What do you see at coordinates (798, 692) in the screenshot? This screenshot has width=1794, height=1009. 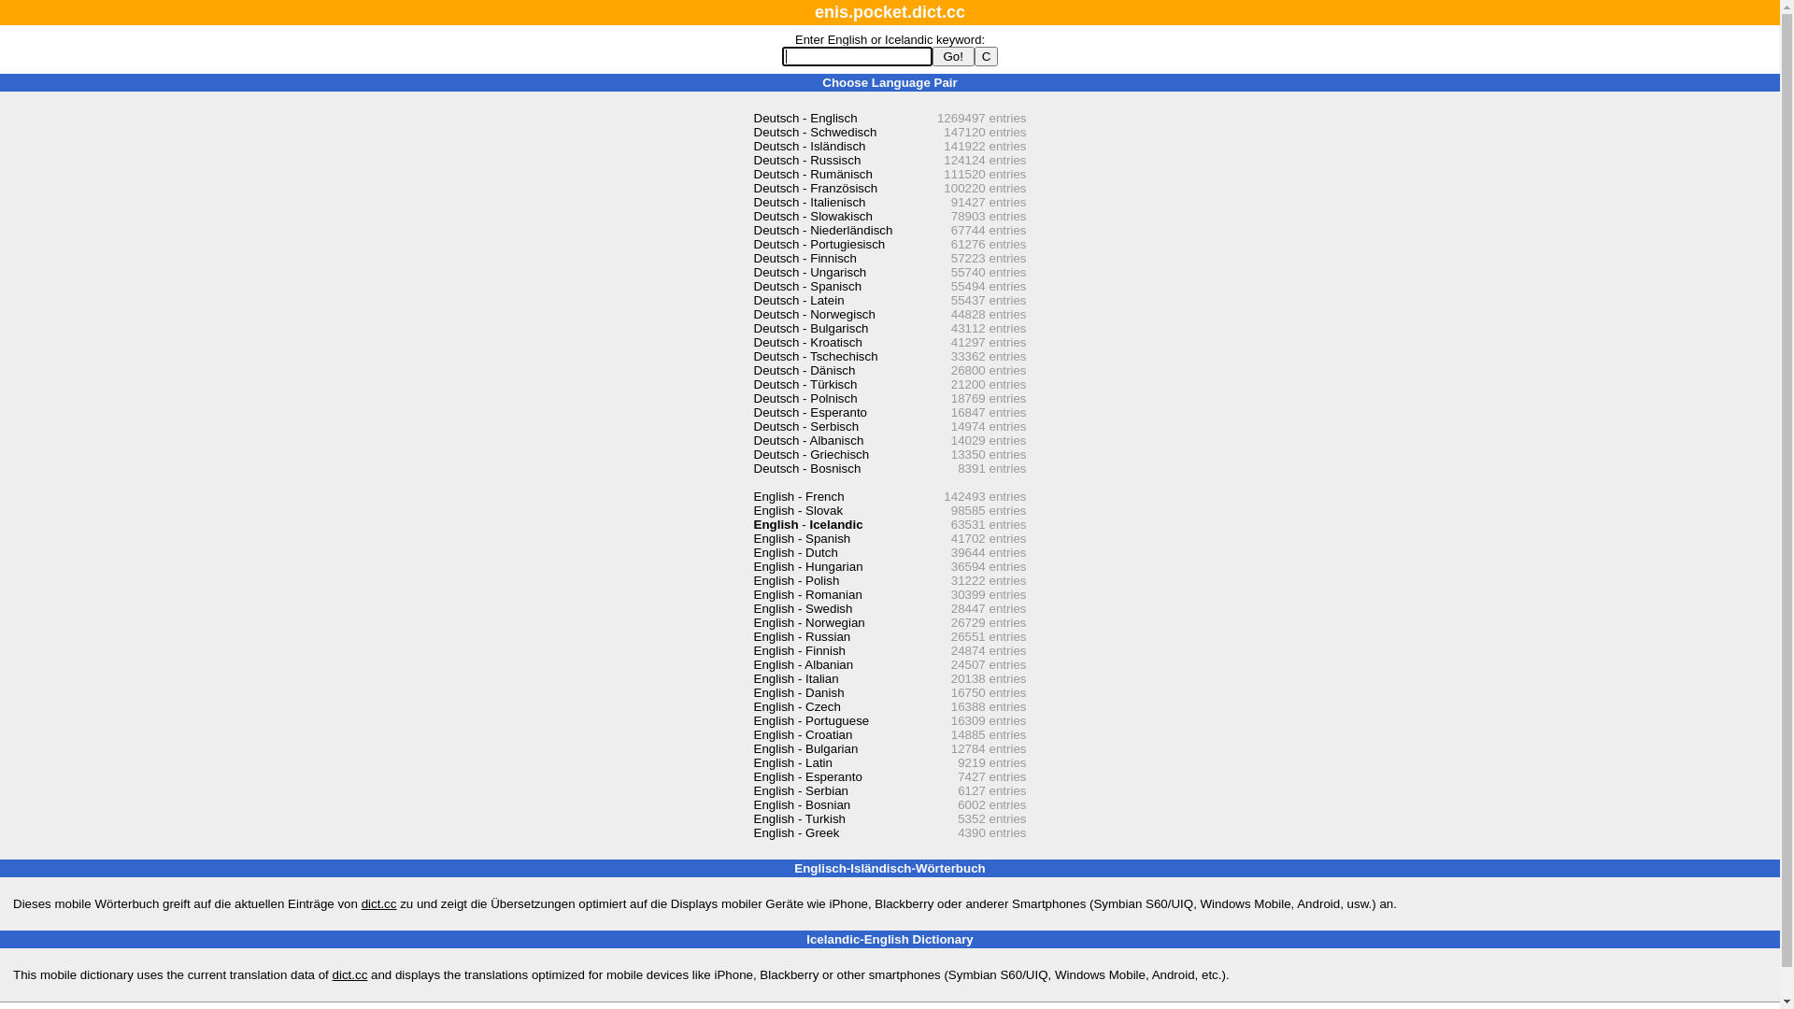 I see `'English - Danish'` at bounding box center [798, 692].